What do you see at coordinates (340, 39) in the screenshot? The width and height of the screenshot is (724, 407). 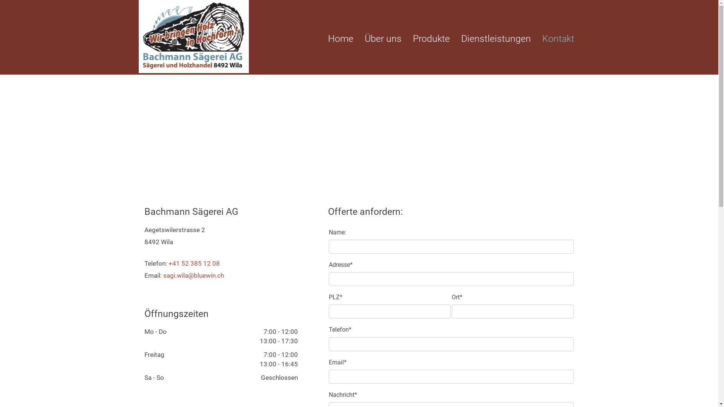 I see `'Home'` at bounding box center [340, 39].